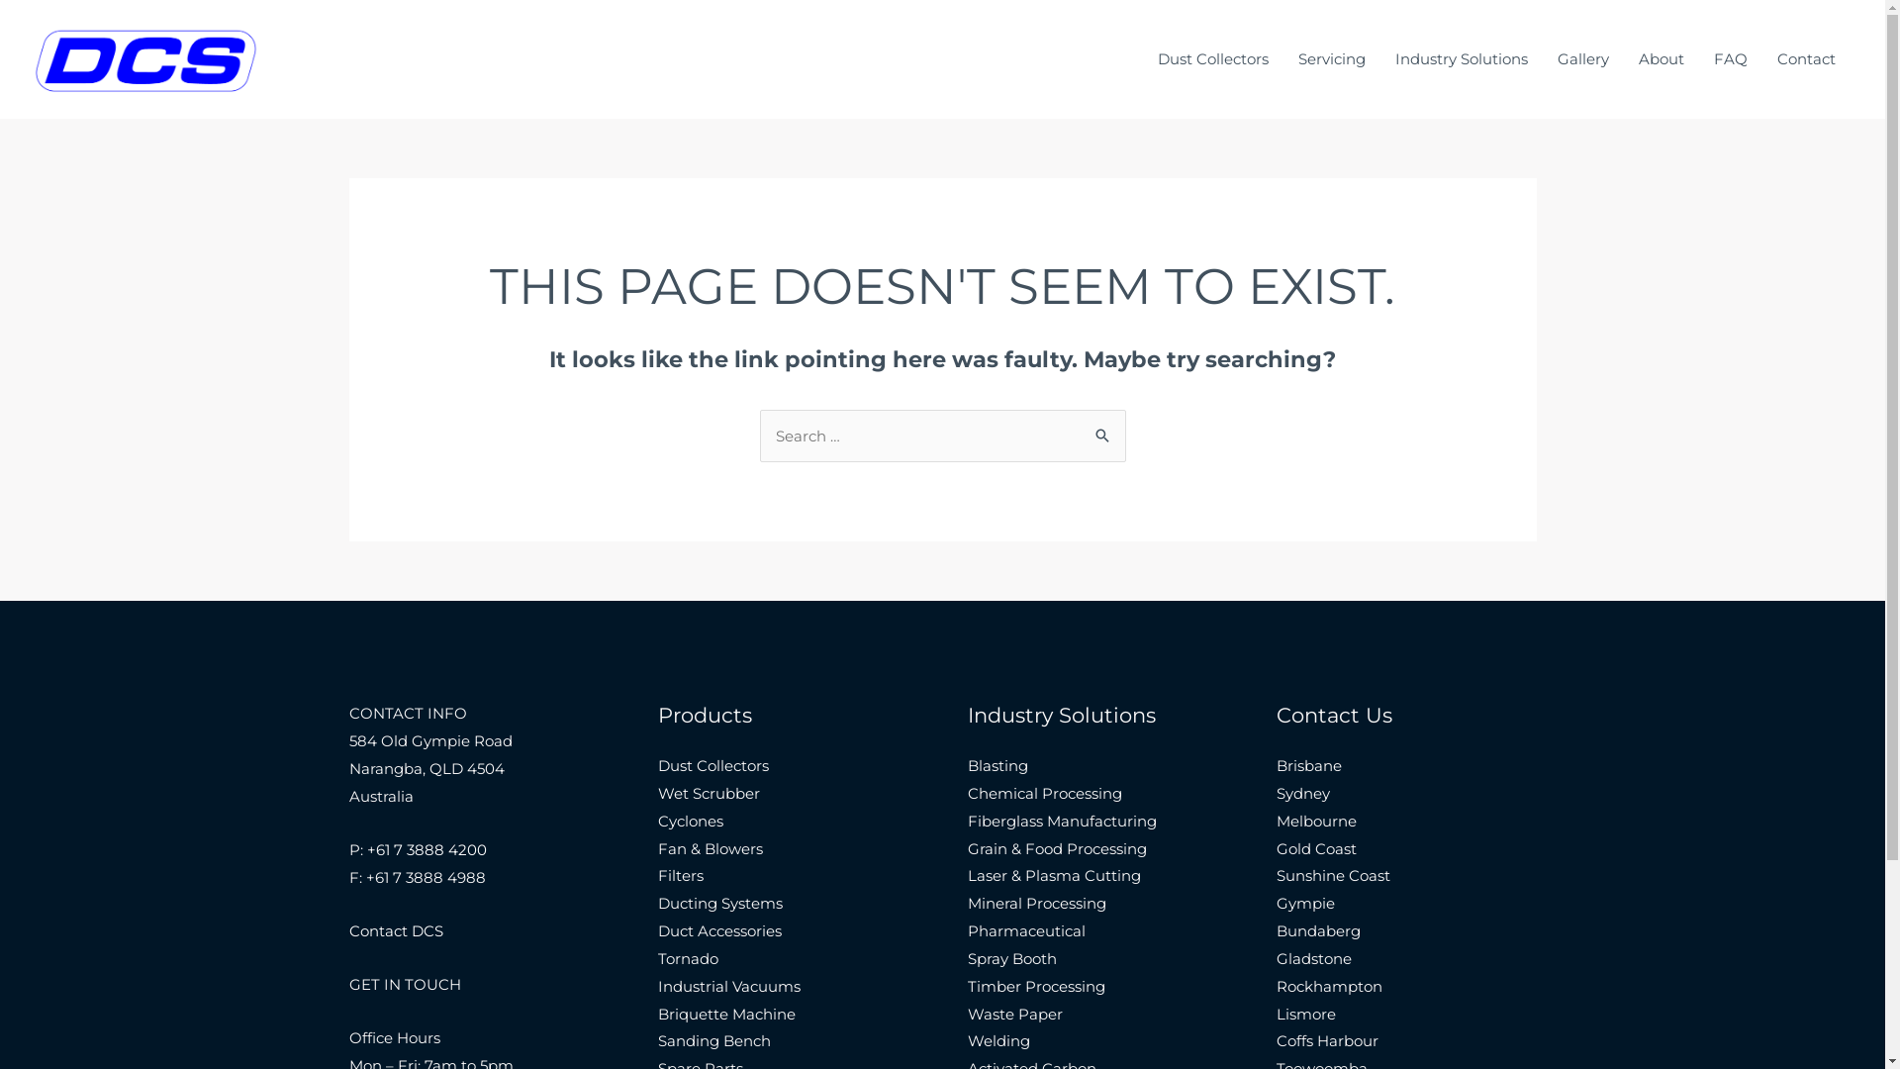 The width and height of the screenshot is (1900, 1069). I want to click on 'Briquette Machine', so click(725, 1014).